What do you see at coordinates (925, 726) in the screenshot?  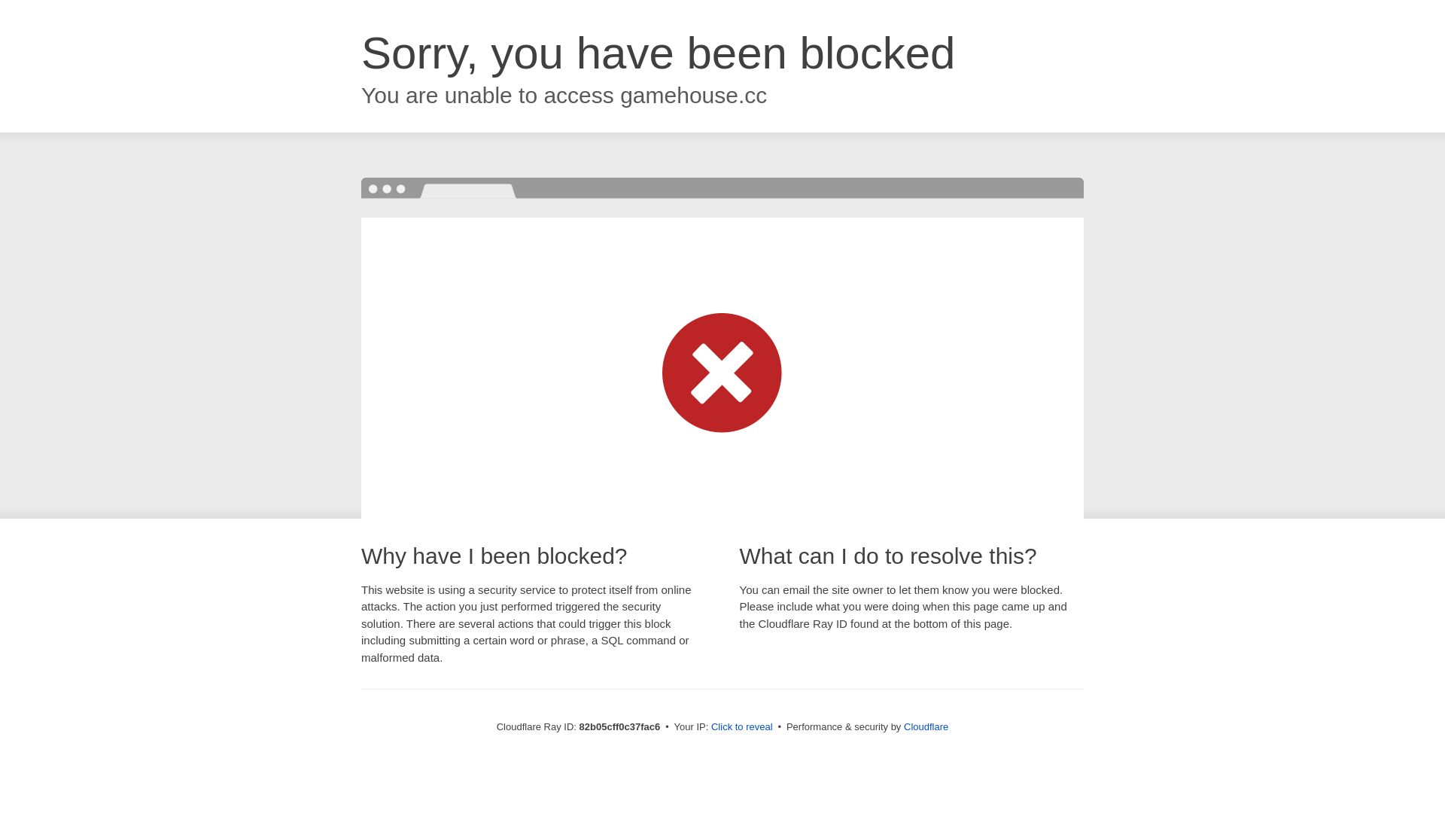 I see `'Cloudflare'` at bounding box center [925, 726].